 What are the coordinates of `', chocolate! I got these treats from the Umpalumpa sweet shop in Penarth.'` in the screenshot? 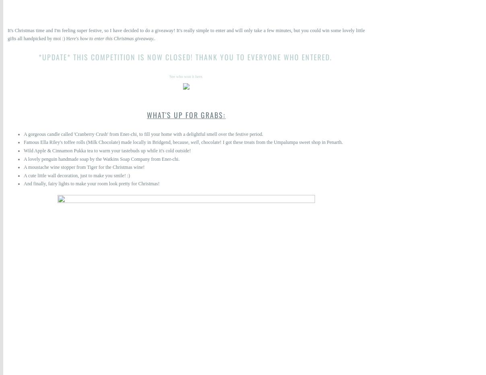 It's located at (271, 141).